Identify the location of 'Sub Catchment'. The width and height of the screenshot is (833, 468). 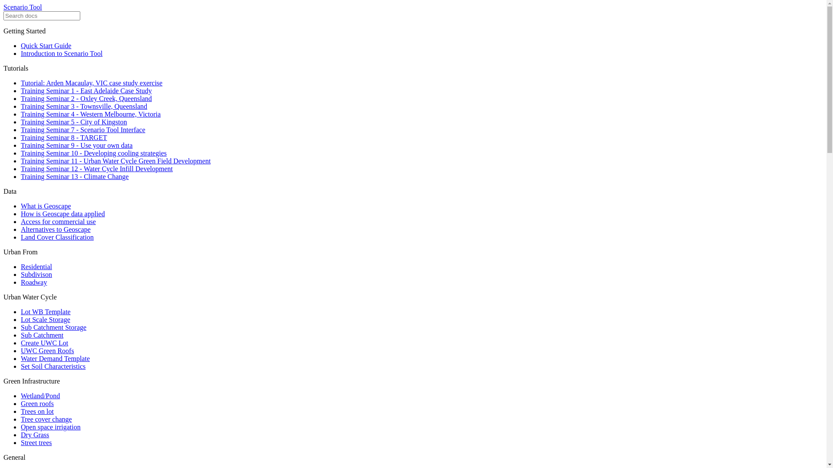
(41, 335).